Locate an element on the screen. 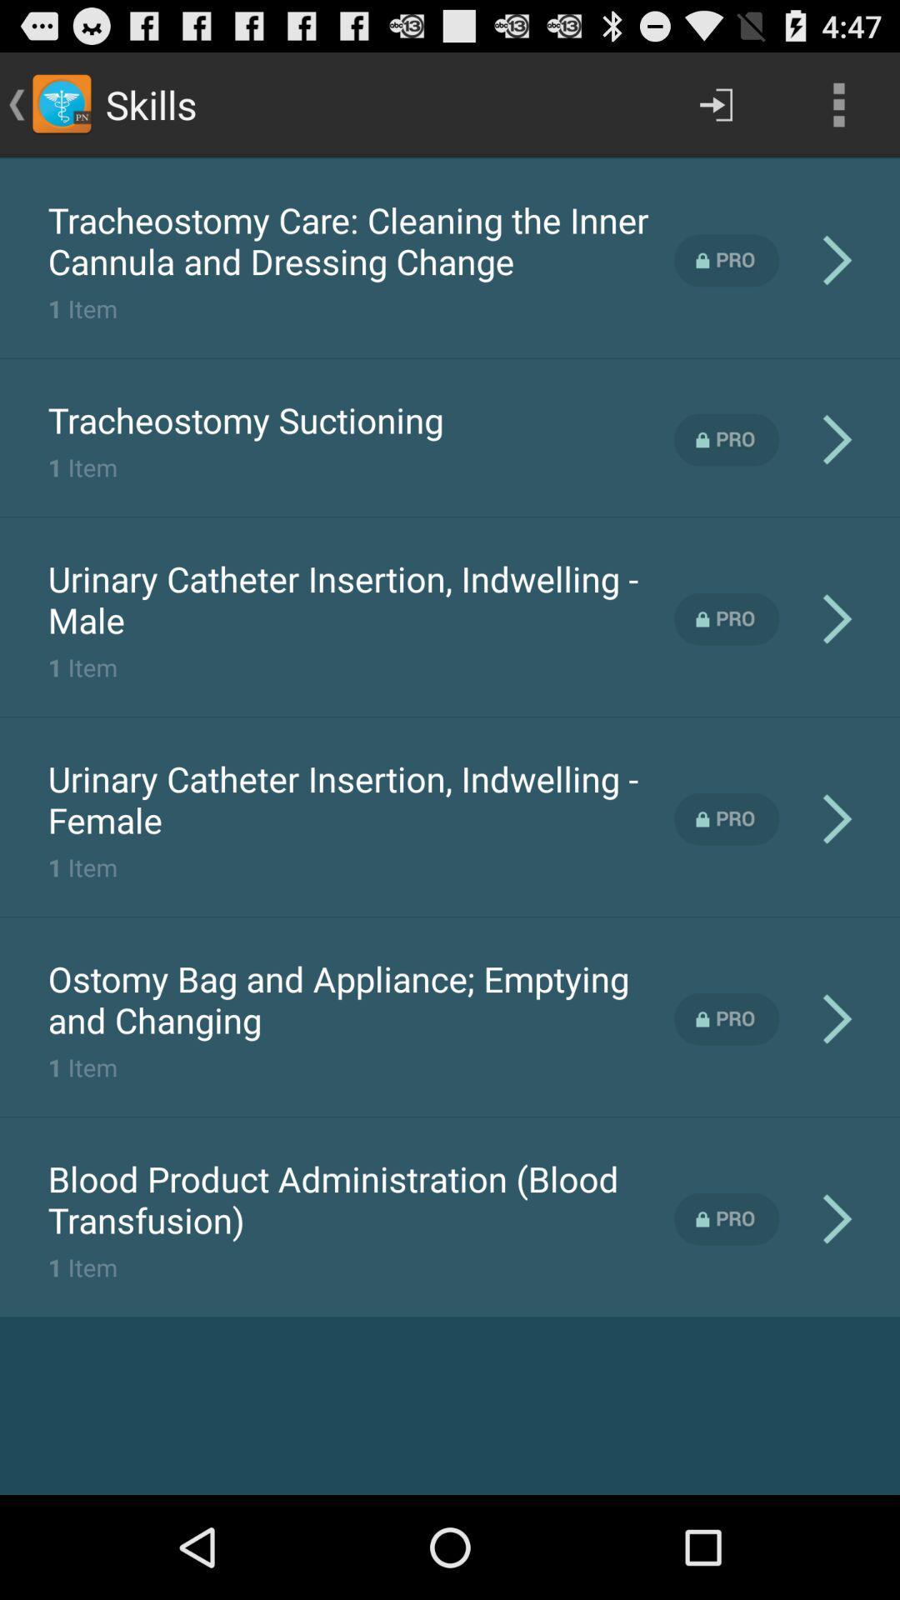  pro version is located at coordinates (726, 1018).